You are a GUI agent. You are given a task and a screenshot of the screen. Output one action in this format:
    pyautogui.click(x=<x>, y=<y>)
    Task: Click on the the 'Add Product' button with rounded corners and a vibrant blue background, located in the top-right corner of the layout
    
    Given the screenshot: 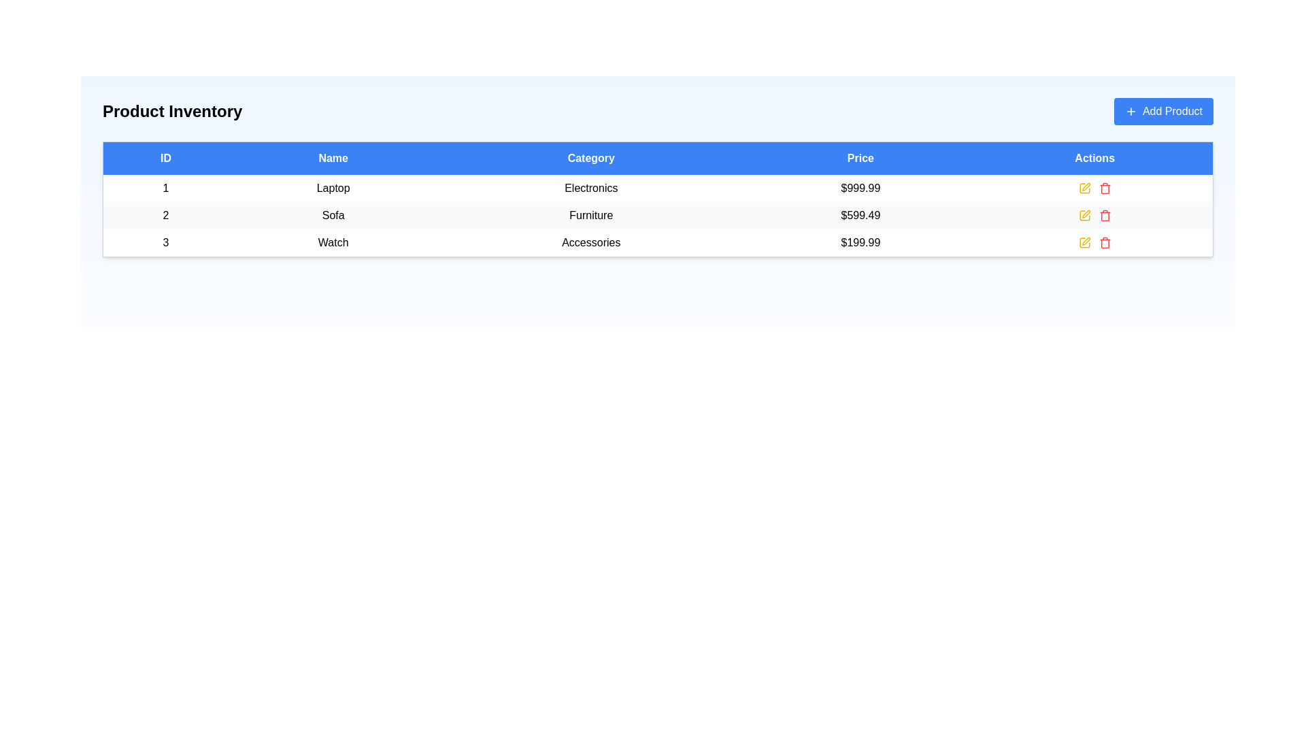 What is the action you would take?
    pyautogui.click(x=1162, y=111)
    